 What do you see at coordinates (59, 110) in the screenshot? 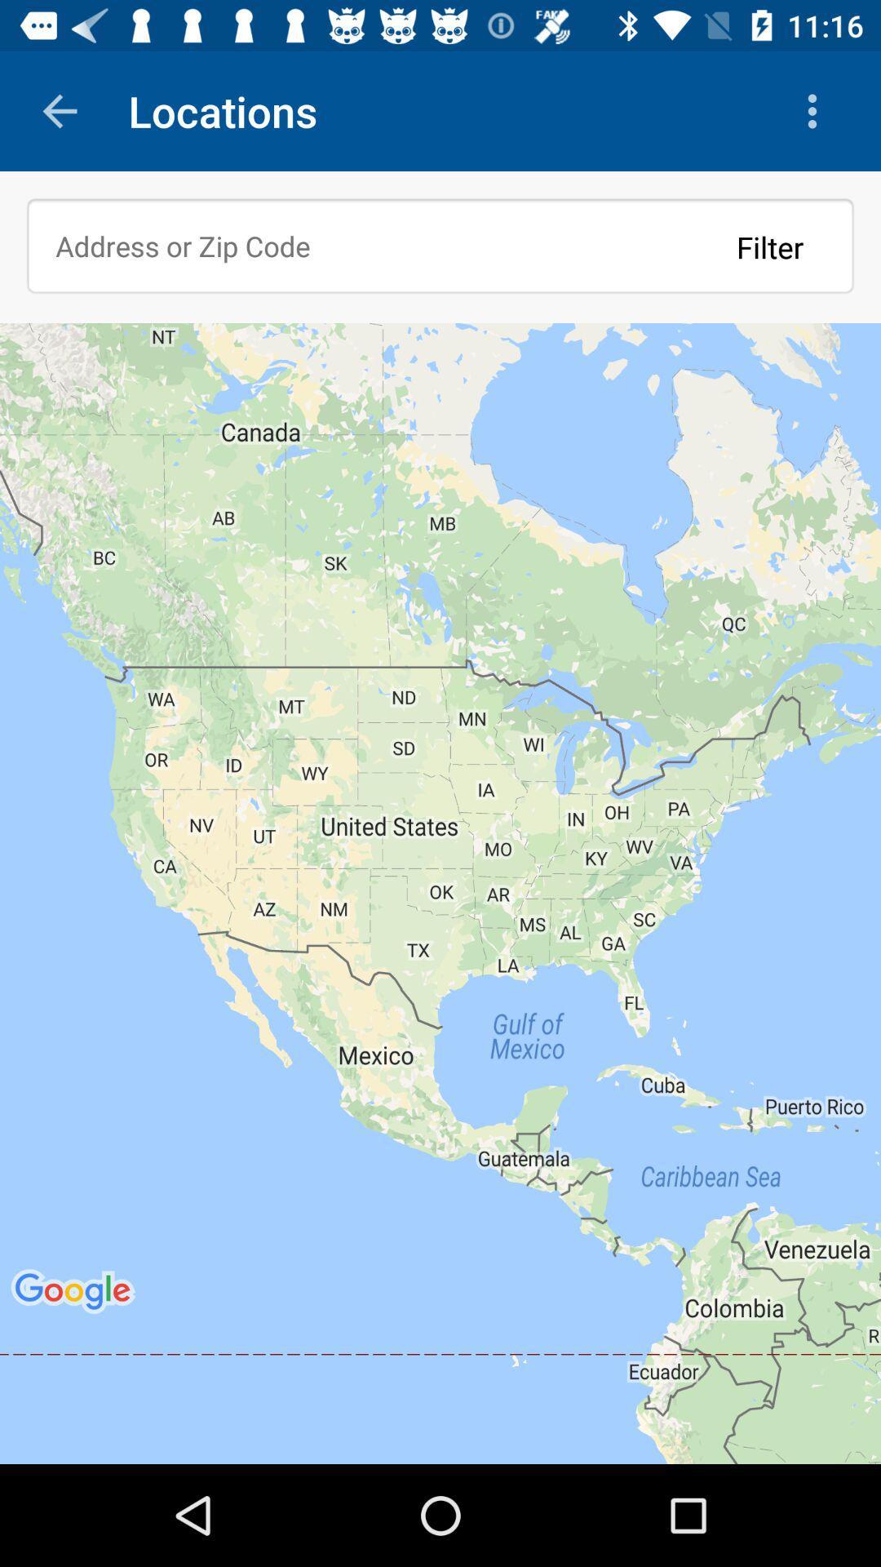
I see `item to the left of the locations icon` at bounding box center [59, 110].